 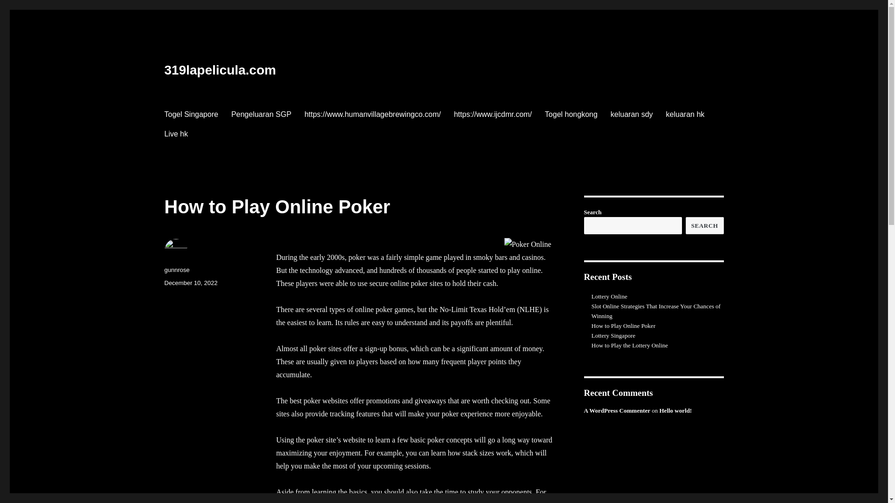 What do you see at coordinates (372, 114) in the screenshot?
I see `'https://www.humanvillagebrewingco.com/'` at bounding box center [372, 114].